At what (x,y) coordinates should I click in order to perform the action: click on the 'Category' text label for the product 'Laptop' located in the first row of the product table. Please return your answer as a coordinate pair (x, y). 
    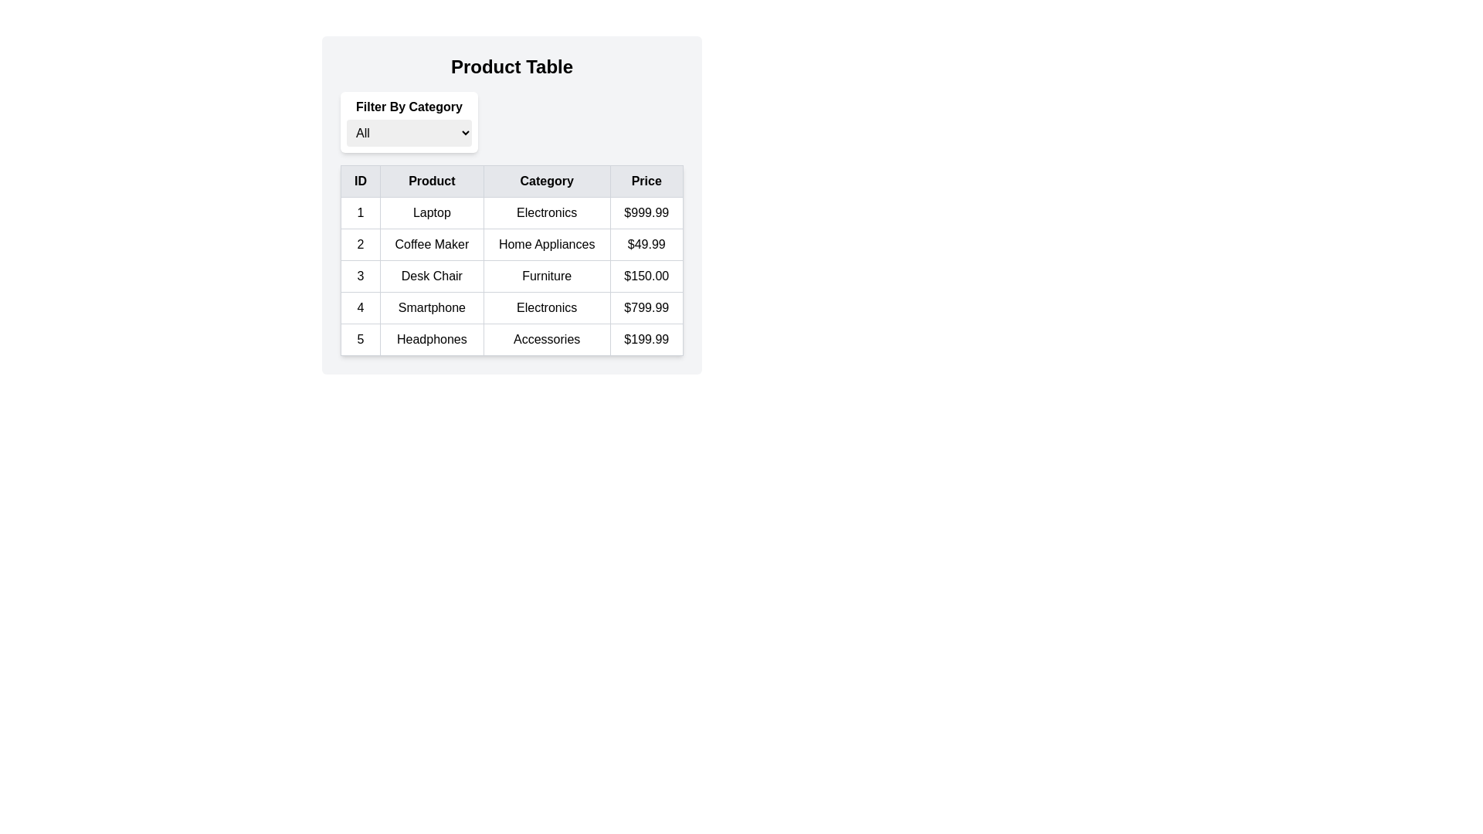
    Looking at the image, I should click on (547, 213).